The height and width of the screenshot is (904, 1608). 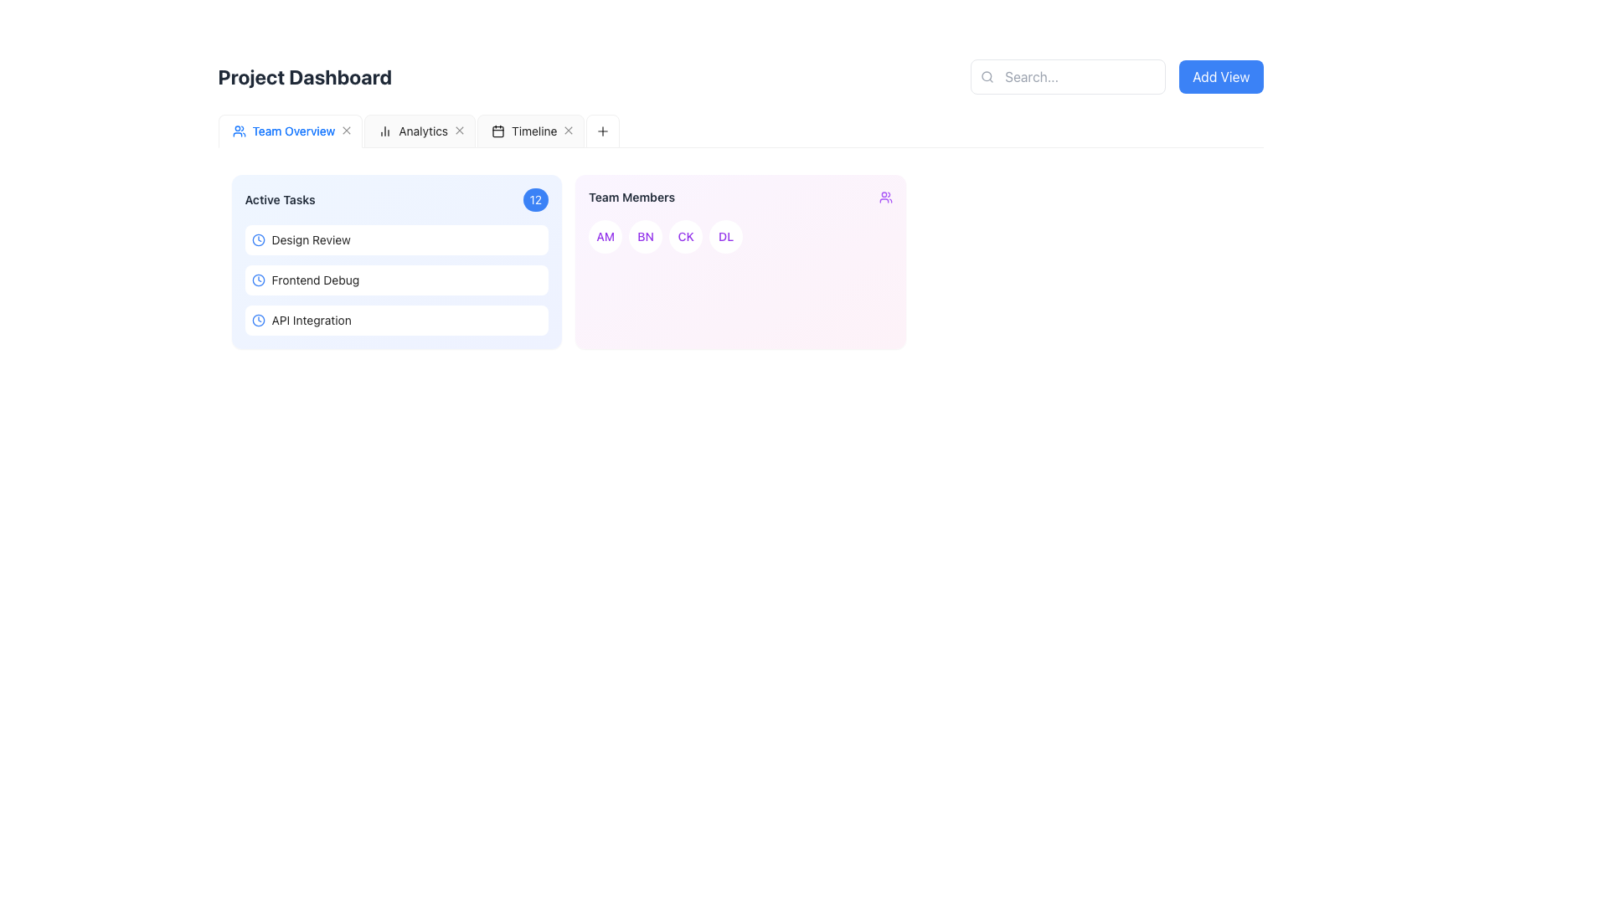 I want to click on the 'close' icon located on the right side of the 'Timeline' tab at the top of the dashboard, so click(x=569, y=130).